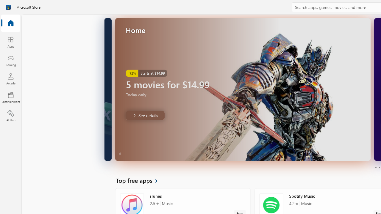 This screenshot has height=214, width=381. Describe the element at coordinates (140, 180) in the screenshot. I see `'See all  Top free apps'` at that location.